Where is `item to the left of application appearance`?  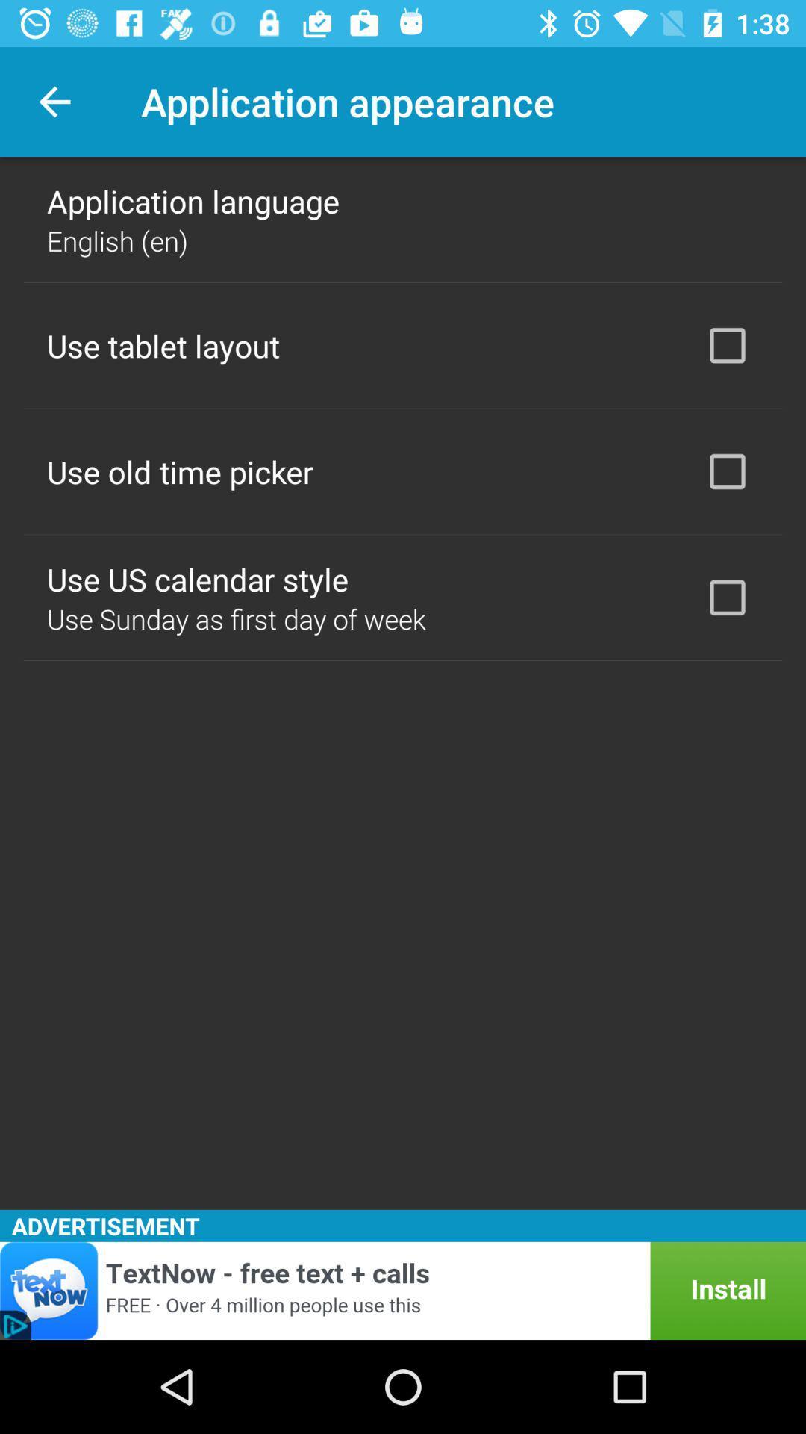
item to the left of application appearance is located at coordinates (54, 101).